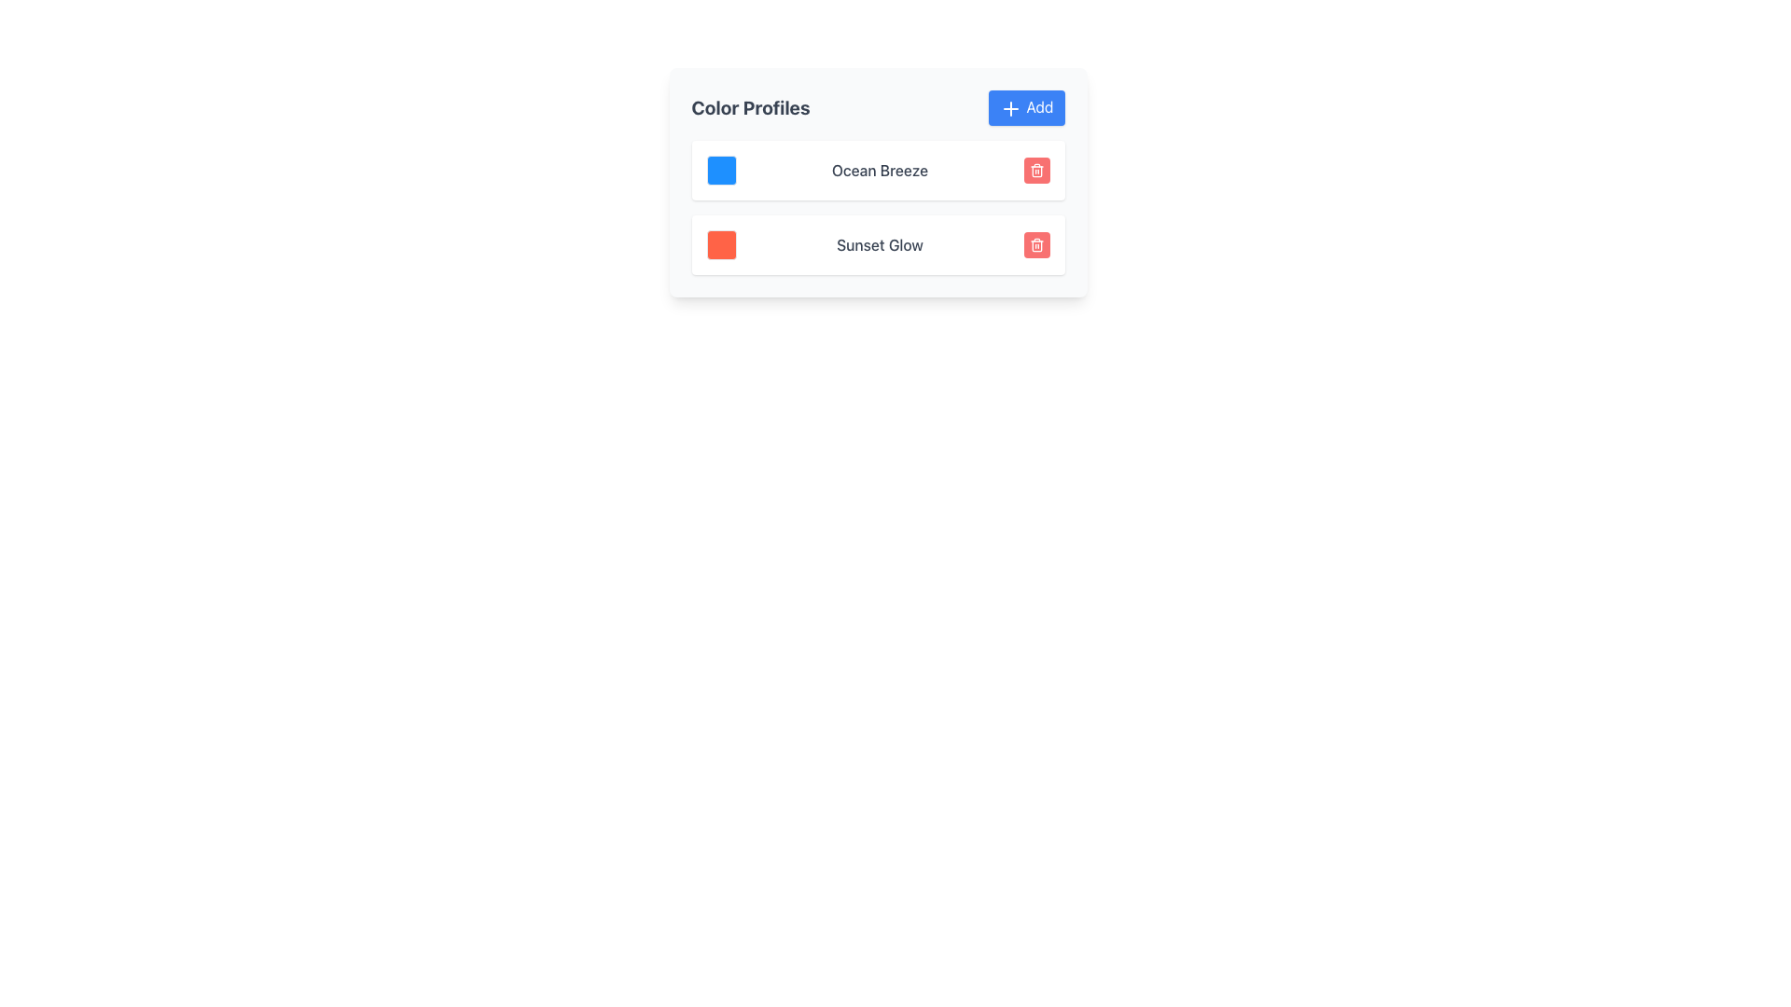 Image resolution: width=1791 pixels, height=1007 pixels. Describe the element at coordinates (1010, 108) in the screenshot. I see `the icon that serves as a visual cue for adding a new item or profile, located at the top right corner of the 'Color Profiles' panel` at that location.